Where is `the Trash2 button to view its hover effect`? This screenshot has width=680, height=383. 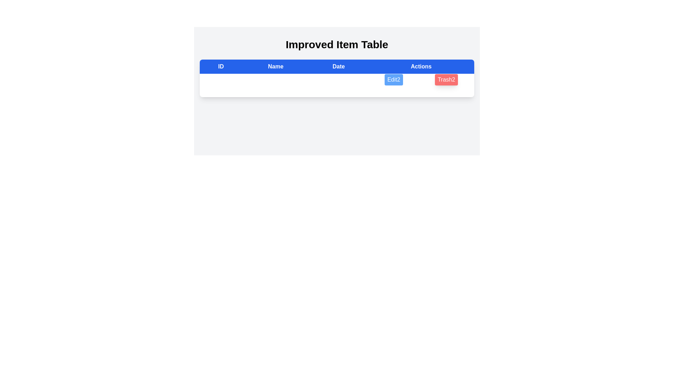
the Trash2 button to view its hover effect is located at coordinates (446, 79).